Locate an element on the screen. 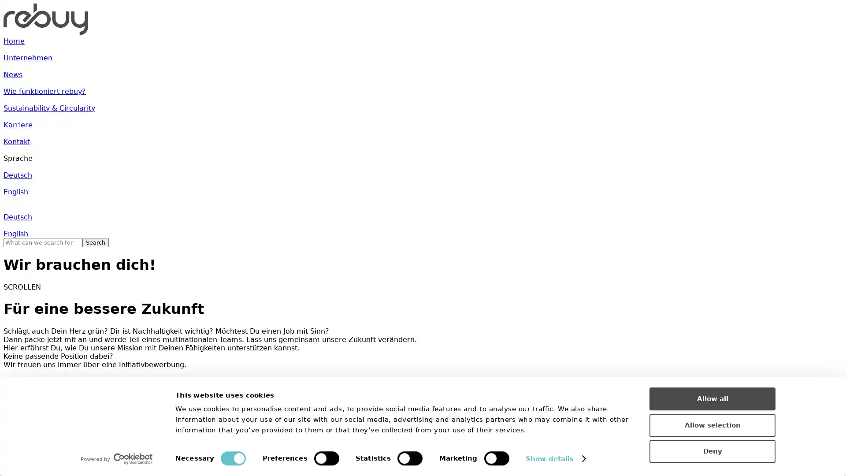 The width and height of the screenshot is (846, 476). Allow all is located at coordinates (712, 394).